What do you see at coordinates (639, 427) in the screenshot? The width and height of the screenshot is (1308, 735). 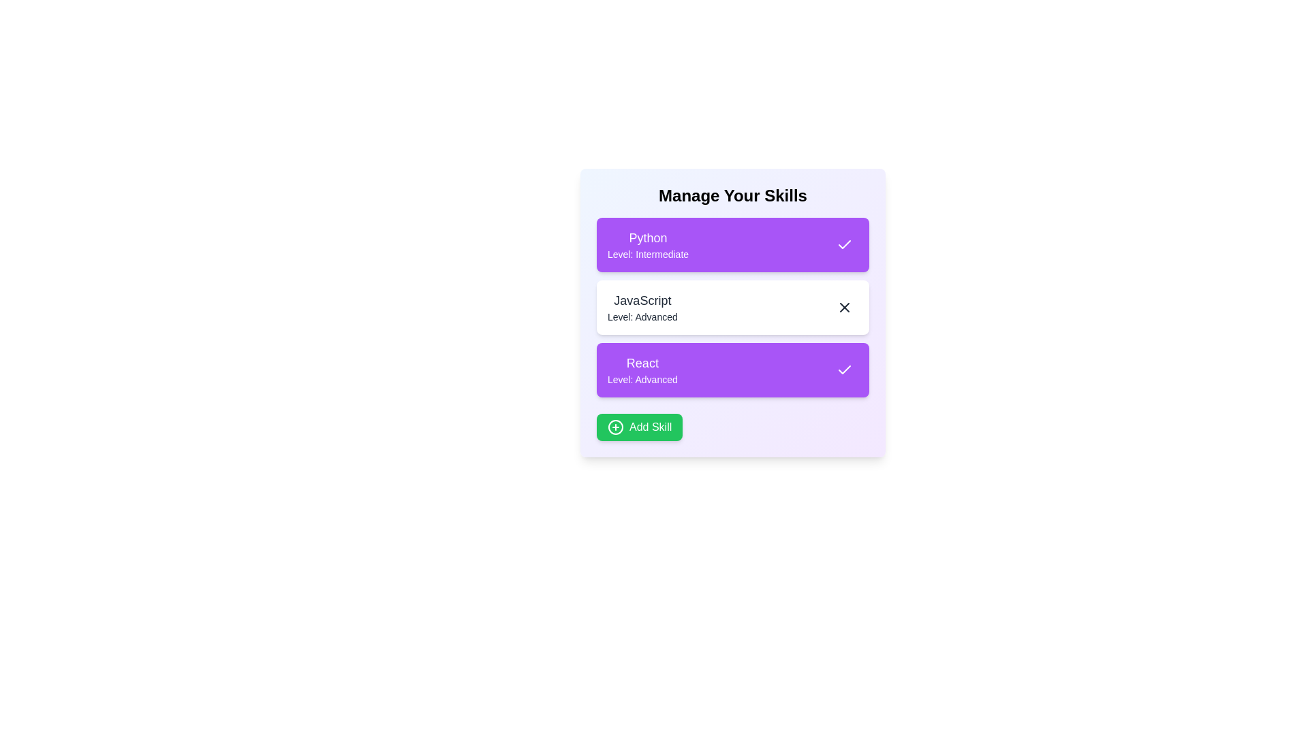 I see `the 'Add Skill' button to trigger the action of adding a new skill` at bounding box center [639, 427].